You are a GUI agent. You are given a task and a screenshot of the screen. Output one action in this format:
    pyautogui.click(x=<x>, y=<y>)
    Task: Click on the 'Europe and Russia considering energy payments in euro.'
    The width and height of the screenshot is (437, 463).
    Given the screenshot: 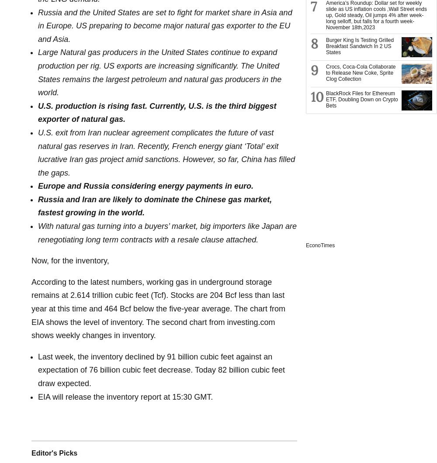 What is the action you would take?
    pyautogui.click(x=145, y=186)
    